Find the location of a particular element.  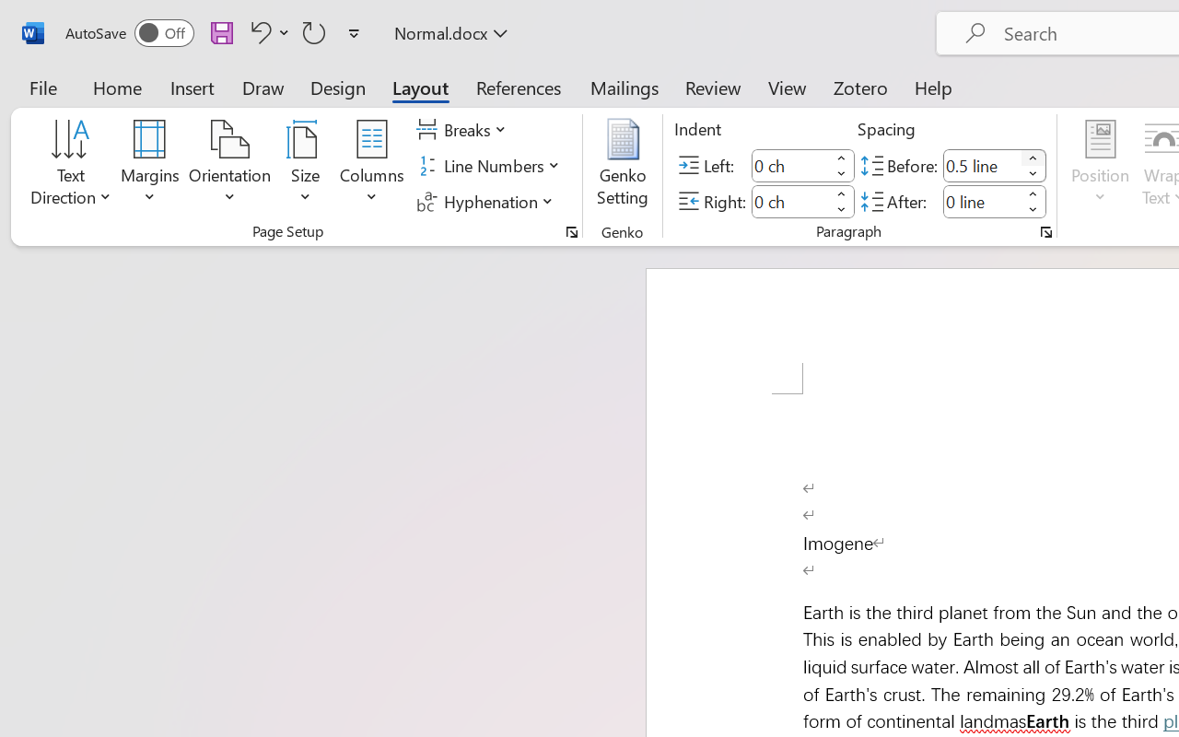

'Position' is located at coordinates (1100, 165).